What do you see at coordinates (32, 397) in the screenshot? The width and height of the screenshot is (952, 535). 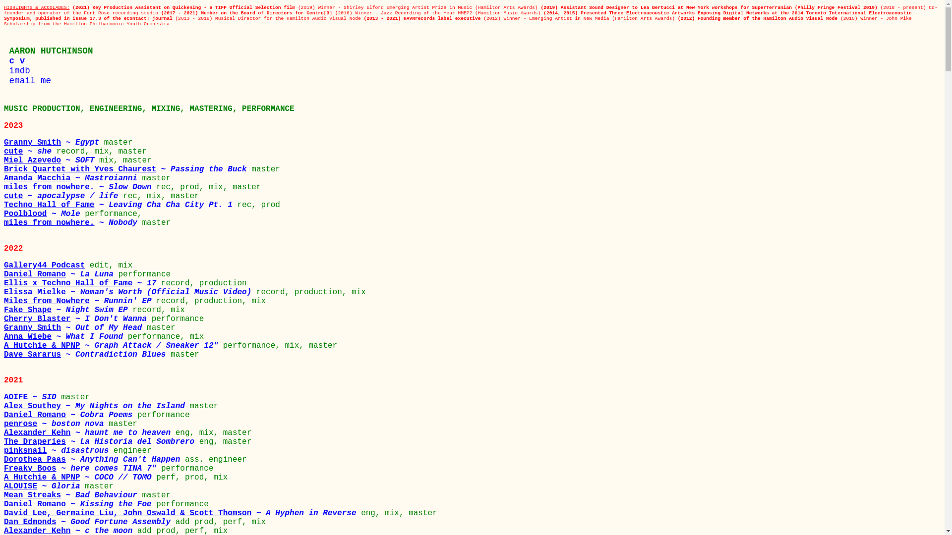 I see `'AOIFE ~ SID'` at bounding box center [32, 397].